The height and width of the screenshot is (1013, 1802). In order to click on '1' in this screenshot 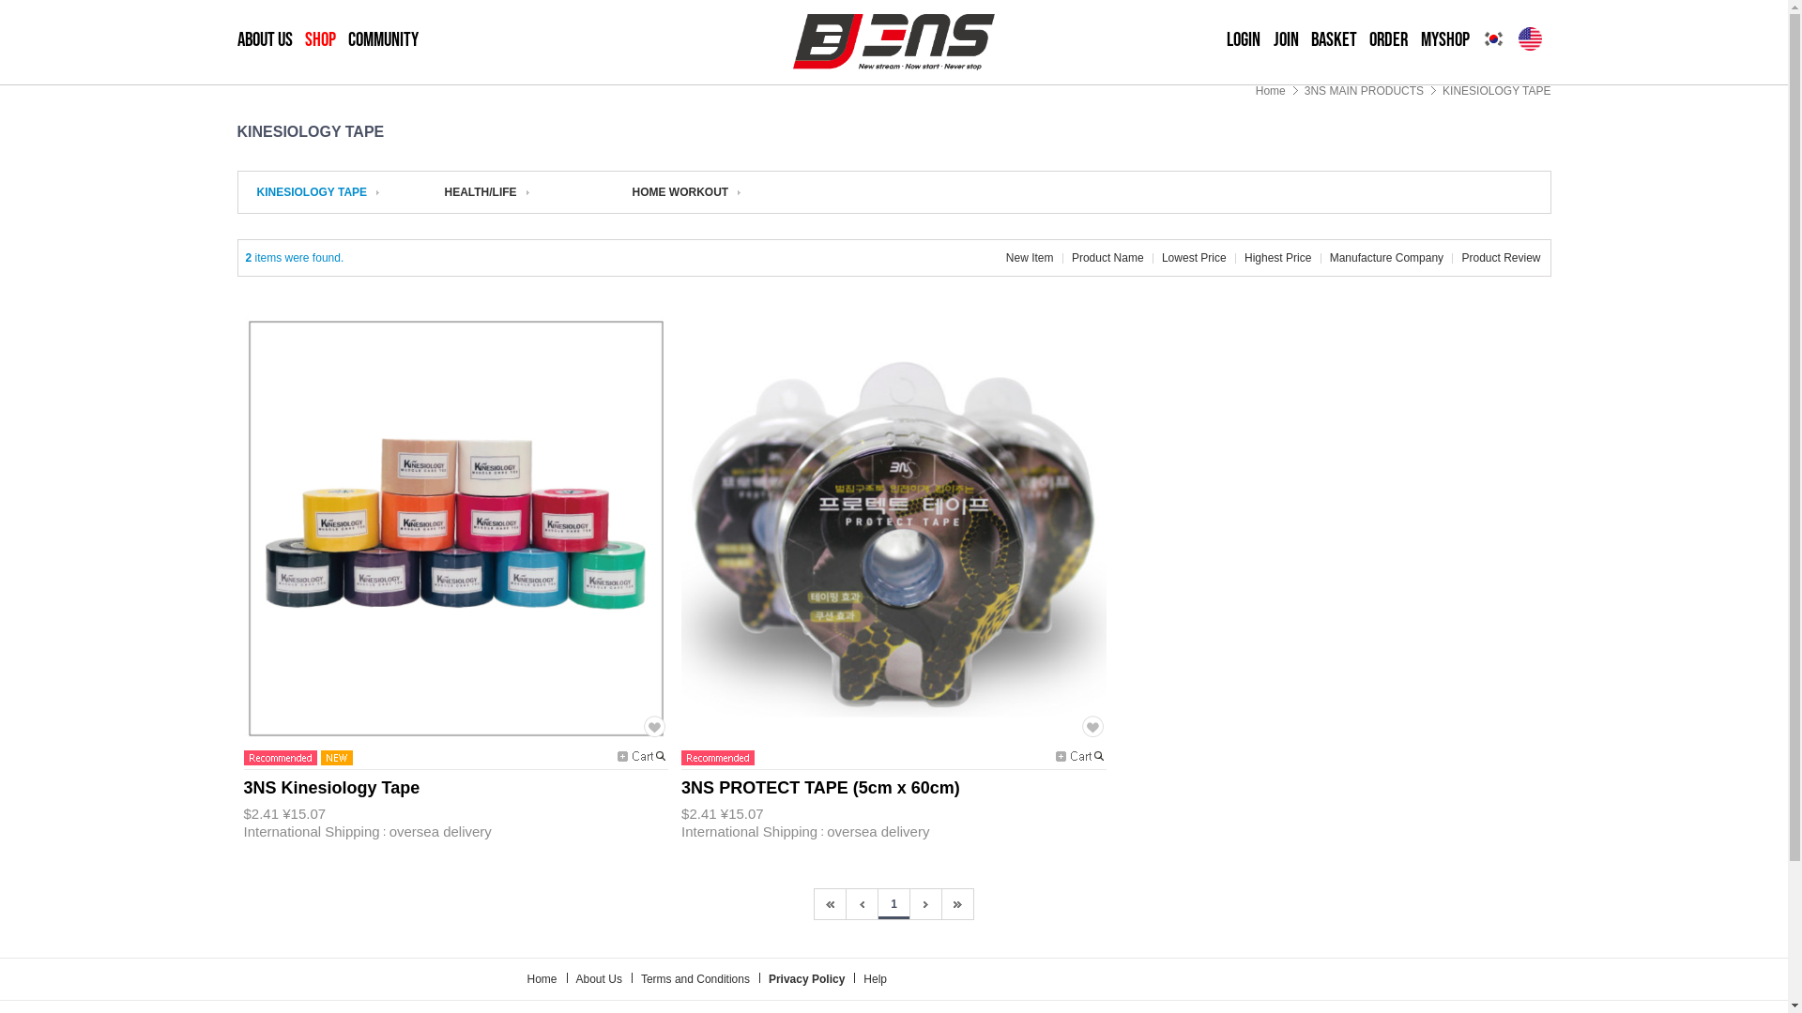, I will do `click(893, 903)`.